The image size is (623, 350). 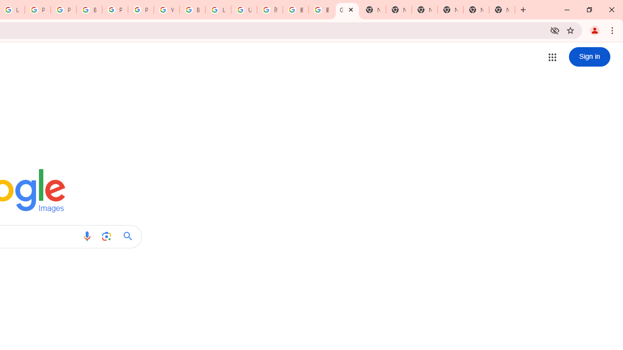 What do you see at coordinates (347, 10) in the screenshot?
I see `'Google Images'` at bounding box center [347, 10].